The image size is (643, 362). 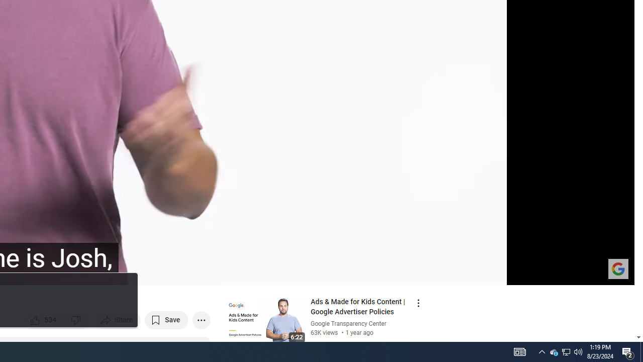 I want to click on 'Action menu', so click(x=418, y=303).